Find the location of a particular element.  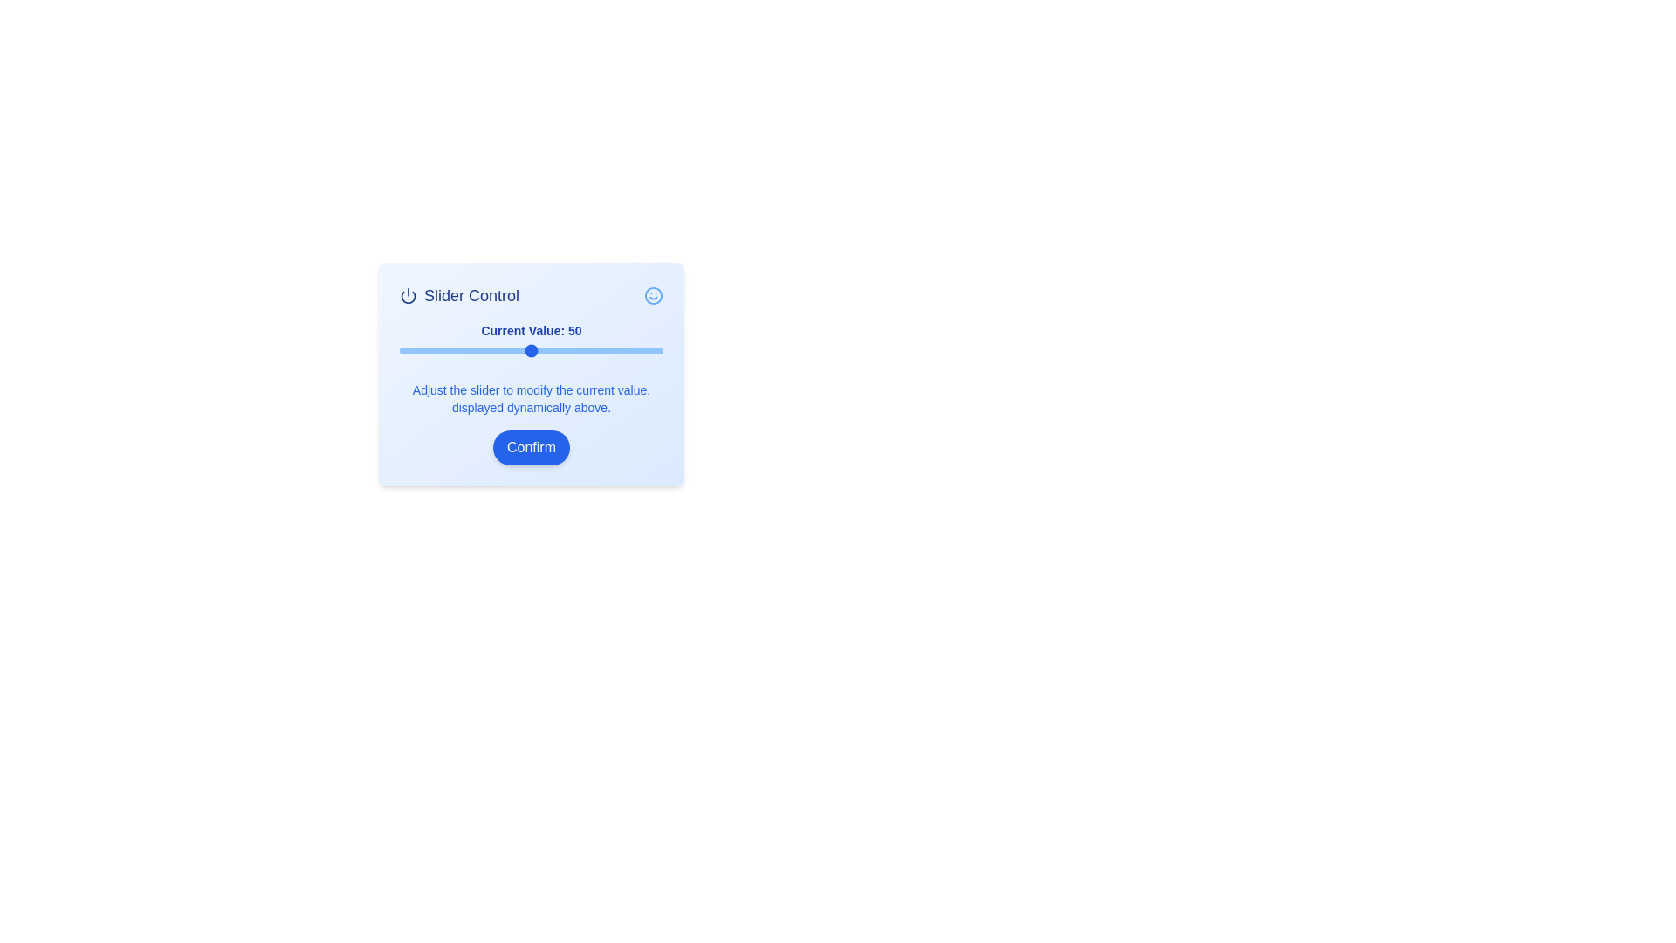

displayed value from the slider control interface, which shows 'Current Value: 50' above the slider is located at coordinates (531, 368).